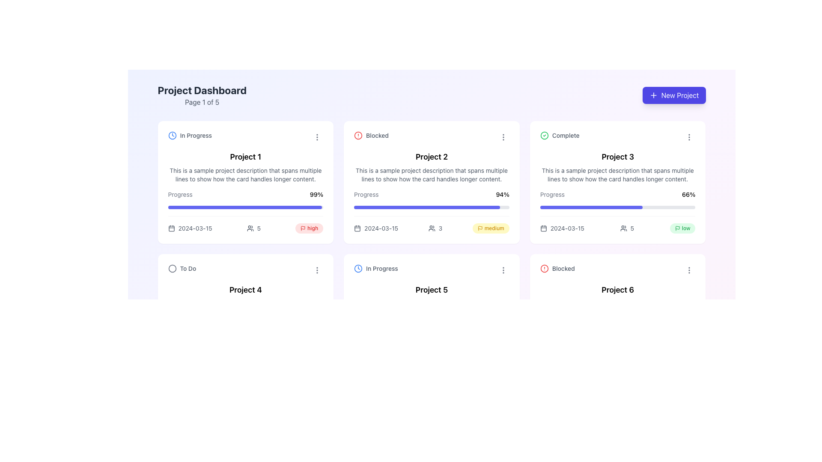 This screenshot has width=822, height=462. What do you see at coordinates (357, 228) in the screenshot?
I see `the graphical decorative element of the calendar icon located in the top-left card labeled 'Project 2' within the dashboard interface` at bounding box center [357, 228].